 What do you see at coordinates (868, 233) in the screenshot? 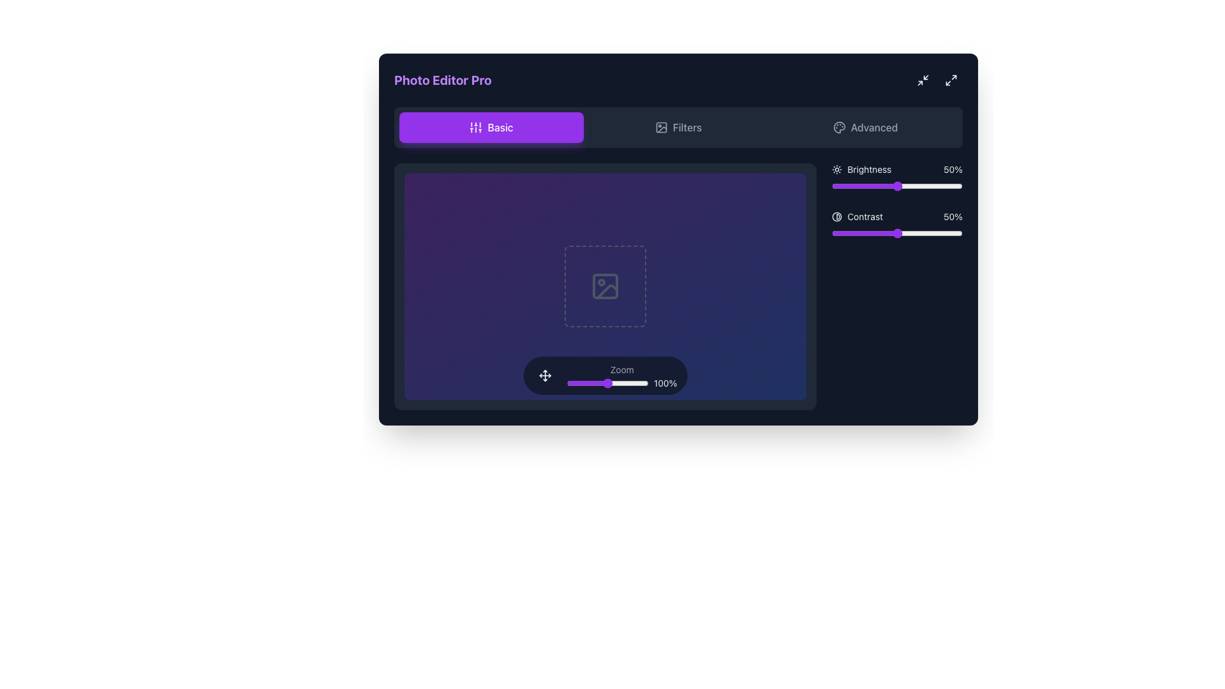
I see `the slider` at bounding box center [868, 233].